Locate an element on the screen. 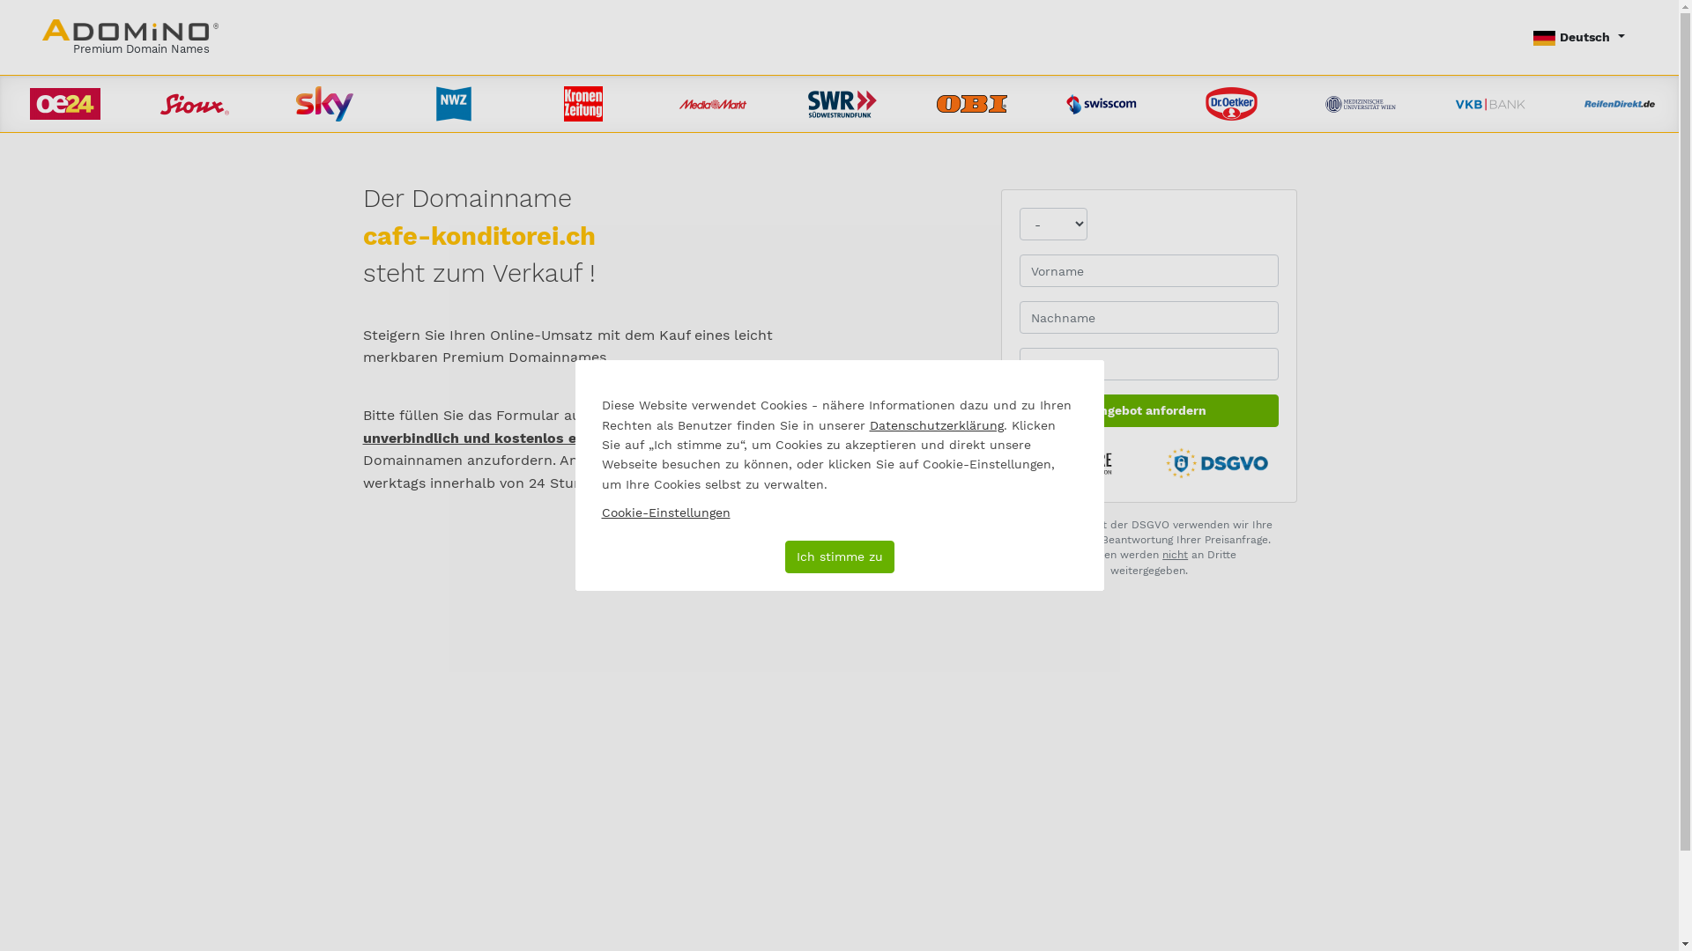  'Cookie-Einstellungen' is located at coordinates (600, 512).